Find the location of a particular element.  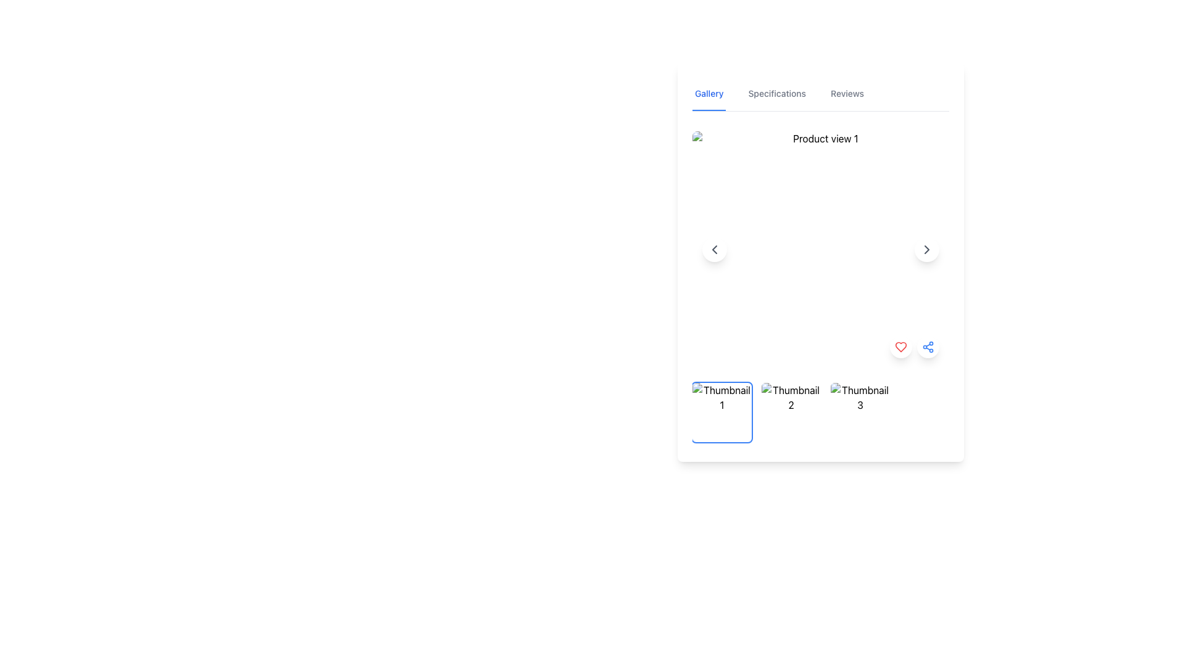

the 'Reviews' Tab item, which is the third item in the horizontal navigation bar, to change its style and highlight it is located at coordinates (846, 94).